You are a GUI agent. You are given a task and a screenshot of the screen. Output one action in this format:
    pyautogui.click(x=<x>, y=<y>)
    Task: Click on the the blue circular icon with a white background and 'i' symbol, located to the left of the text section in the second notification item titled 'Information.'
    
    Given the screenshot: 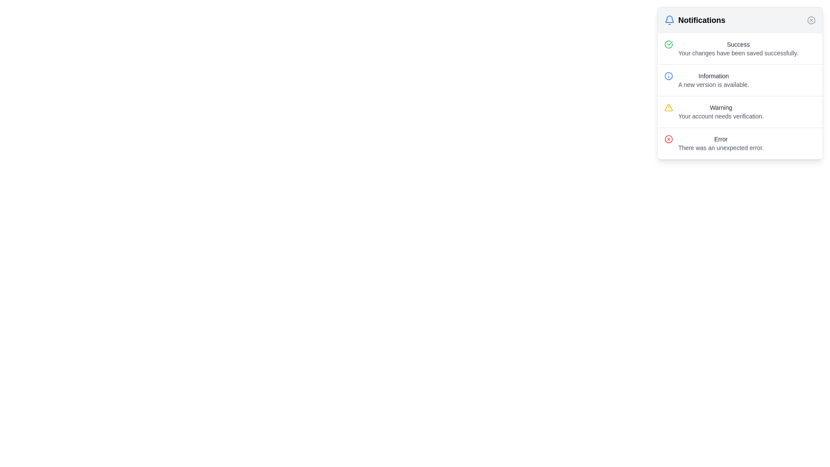 What is the action you would take?
    pyautogui.click(x=668, y=76)
    